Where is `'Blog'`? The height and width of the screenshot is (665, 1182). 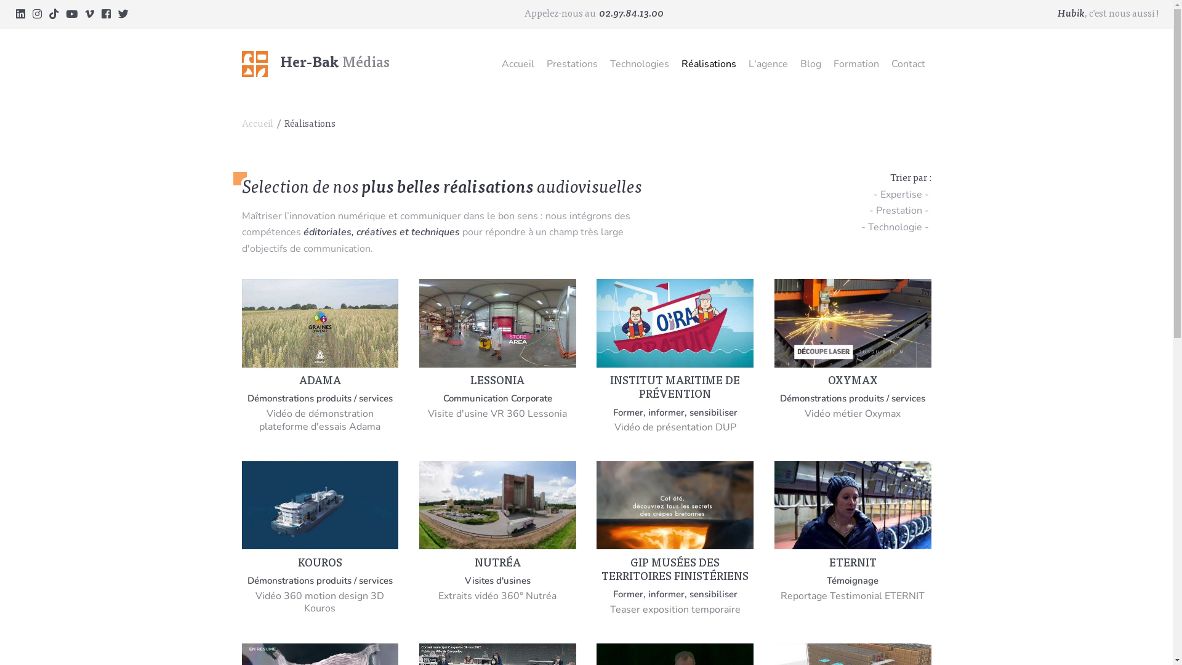 'Blog' is located at coordinates (810, 64).